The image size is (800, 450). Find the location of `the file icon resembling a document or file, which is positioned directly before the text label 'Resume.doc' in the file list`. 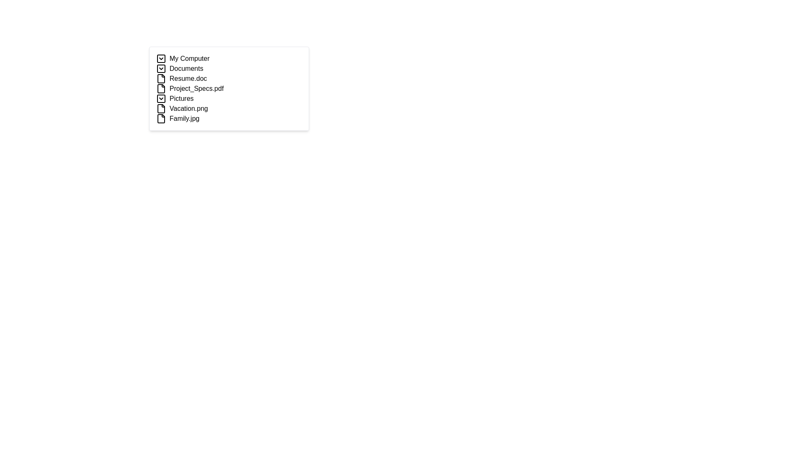

the file icon resembling a document or file, which is positioned directly before the text label 'Resume.doc' in the file list is located at coordinates (161, 79).